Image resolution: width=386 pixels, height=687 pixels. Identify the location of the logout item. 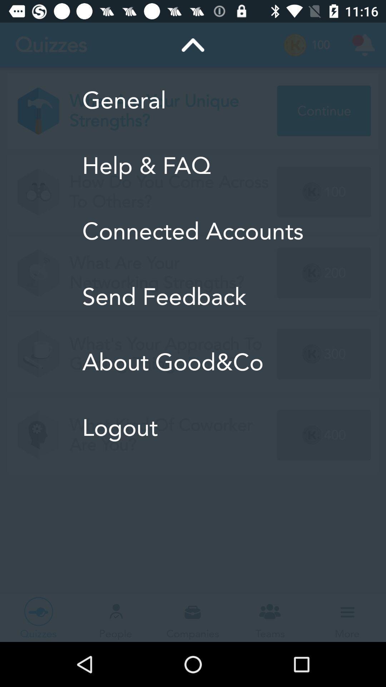
(192, 428).